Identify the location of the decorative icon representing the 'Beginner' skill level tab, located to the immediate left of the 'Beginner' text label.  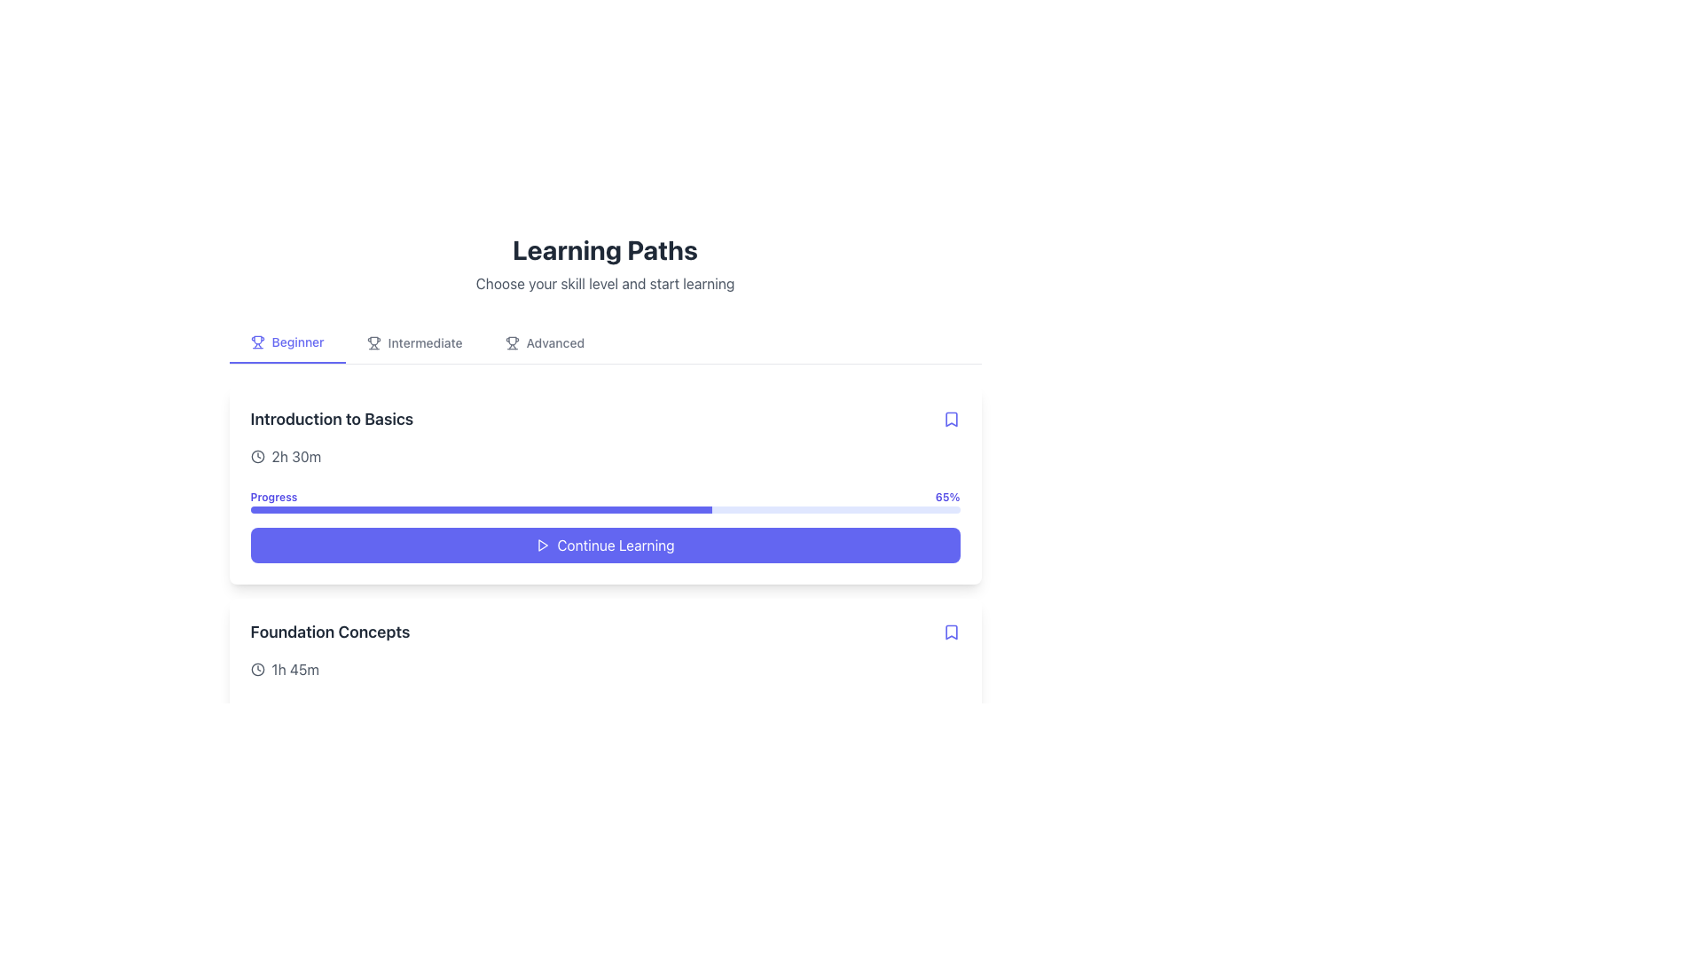
(256, 342).